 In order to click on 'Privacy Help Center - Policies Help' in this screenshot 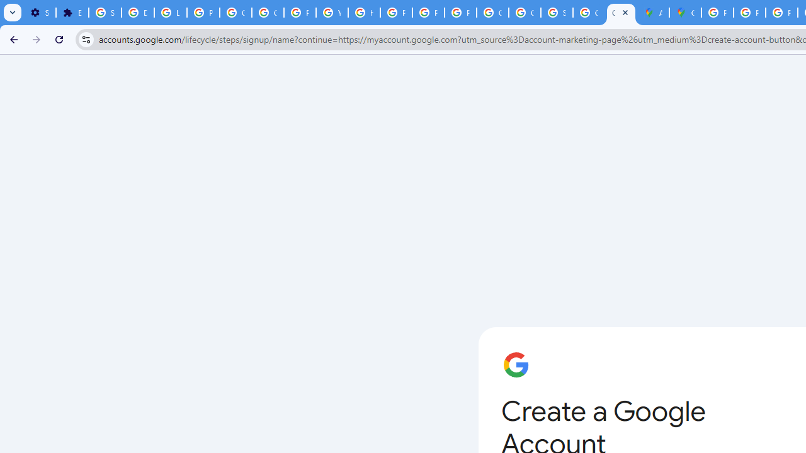, I will do `click(749, 13)`.